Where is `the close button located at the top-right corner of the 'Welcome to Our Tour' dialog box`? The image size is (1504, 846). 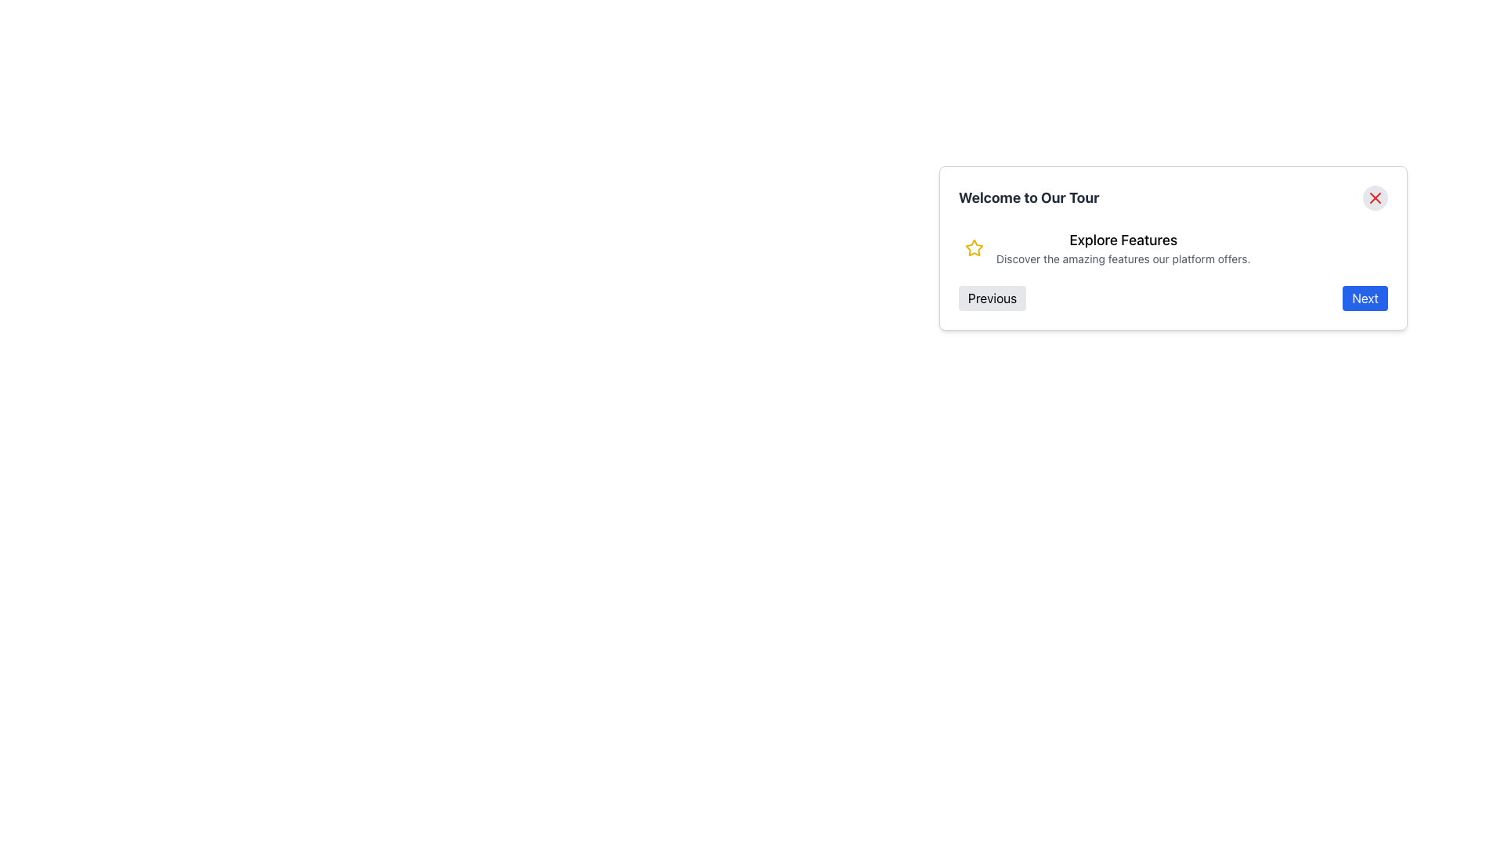
the close button located at the top-right corner of the 'Welcome to Our Tour' dialog box is located at coordinates (1375, 197).